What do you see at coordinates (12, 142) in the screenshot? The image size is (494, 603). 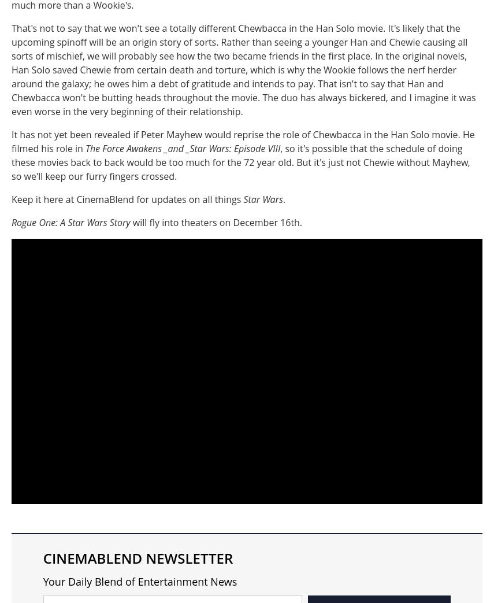 I see `'It has not yet been revealed if Peter Mayhew would reprise the role of Chewbacca in the Han Solo movie. He filmed his role in'` at bounding box center [12, 142].